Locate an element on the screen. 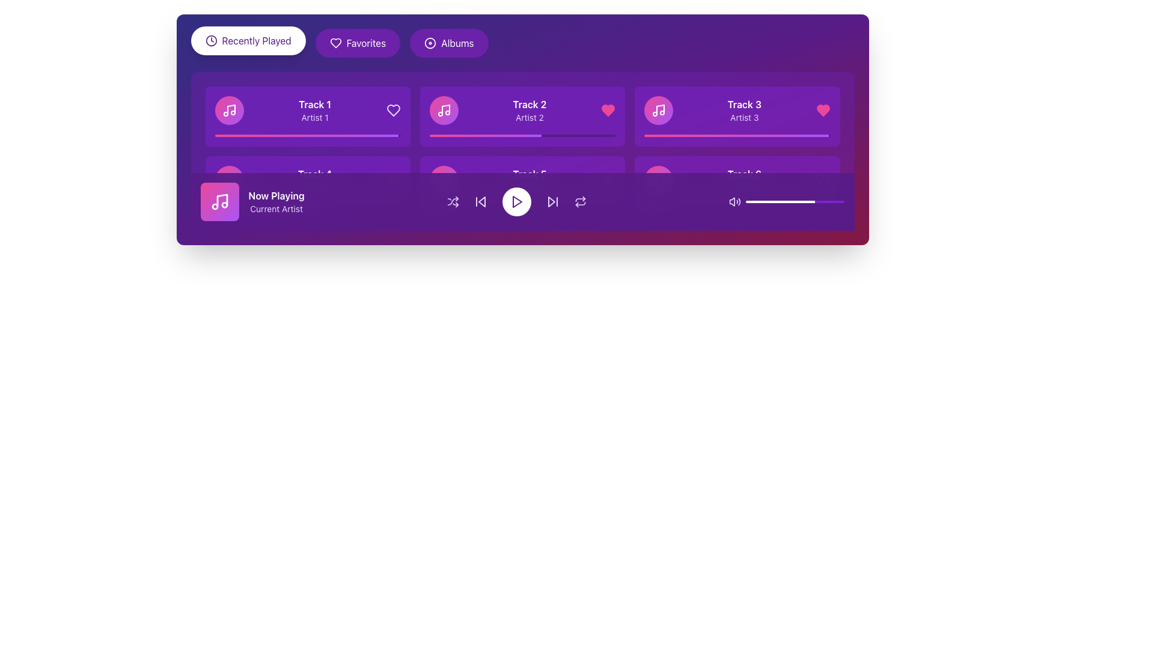 The width and height of the screenshot is (1154, 649). the volume level is located at coordinates (815, 201).